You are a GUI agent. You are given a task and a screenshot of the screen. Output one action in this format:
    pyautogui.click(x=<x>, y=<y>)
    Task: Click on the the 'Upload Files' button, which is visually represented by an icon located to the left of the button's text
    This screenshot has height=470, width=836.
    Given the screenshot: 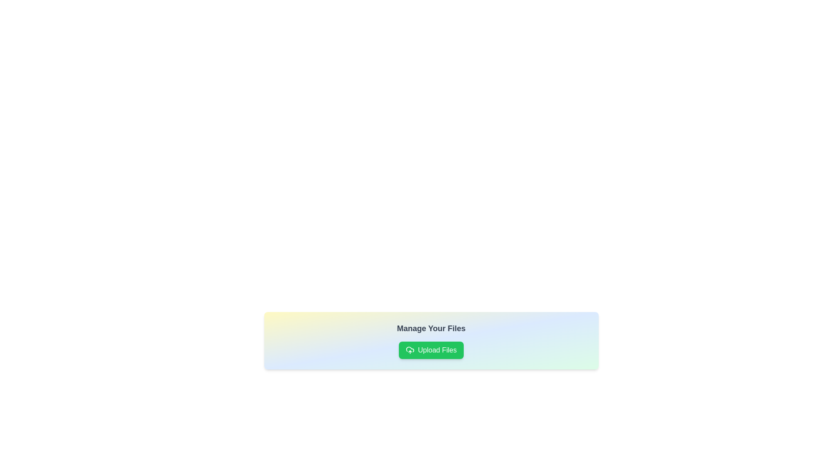 What is the action you would take?
    pyautogui.click(x=409, y=350)
    